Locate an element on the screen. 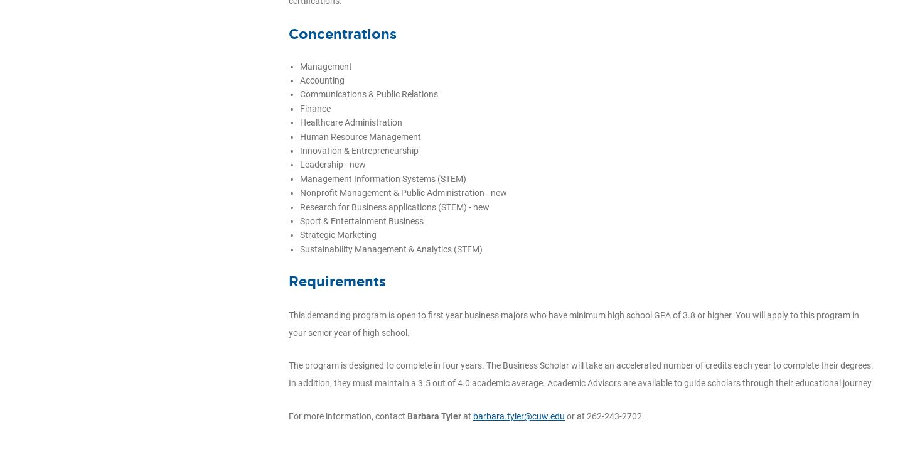  'Finance' is located at coordinates (314, 108).